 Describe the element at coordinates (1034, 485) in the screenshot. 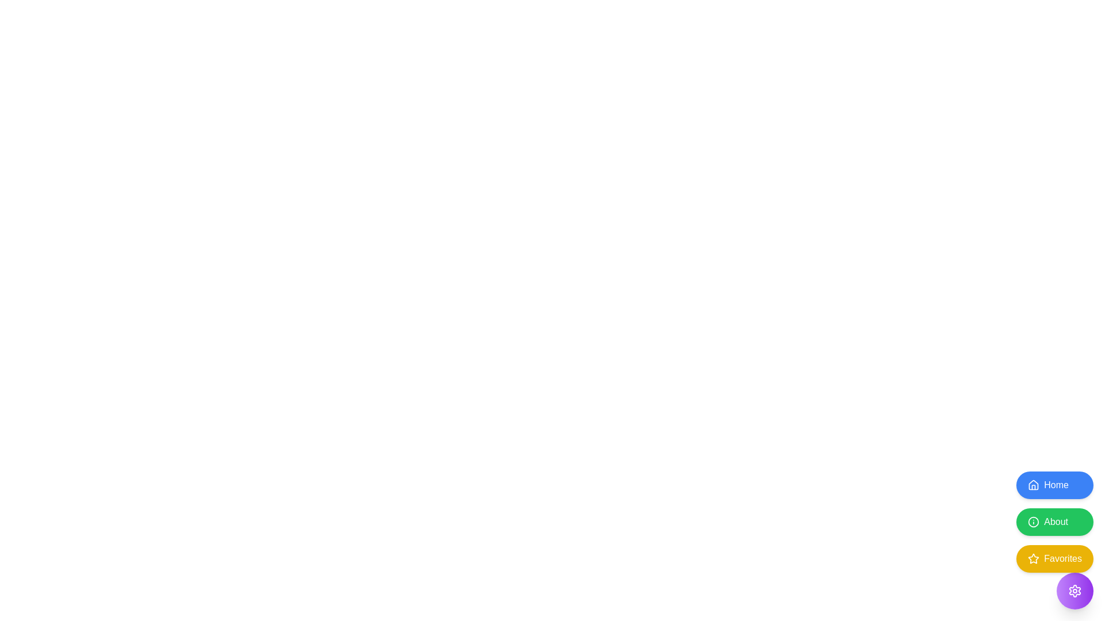

I see `the house icon, which is a minimalistic outlined symbol located to the left of the 'Home' button, positioned at the top of a vertical stack of buttons` at that location.